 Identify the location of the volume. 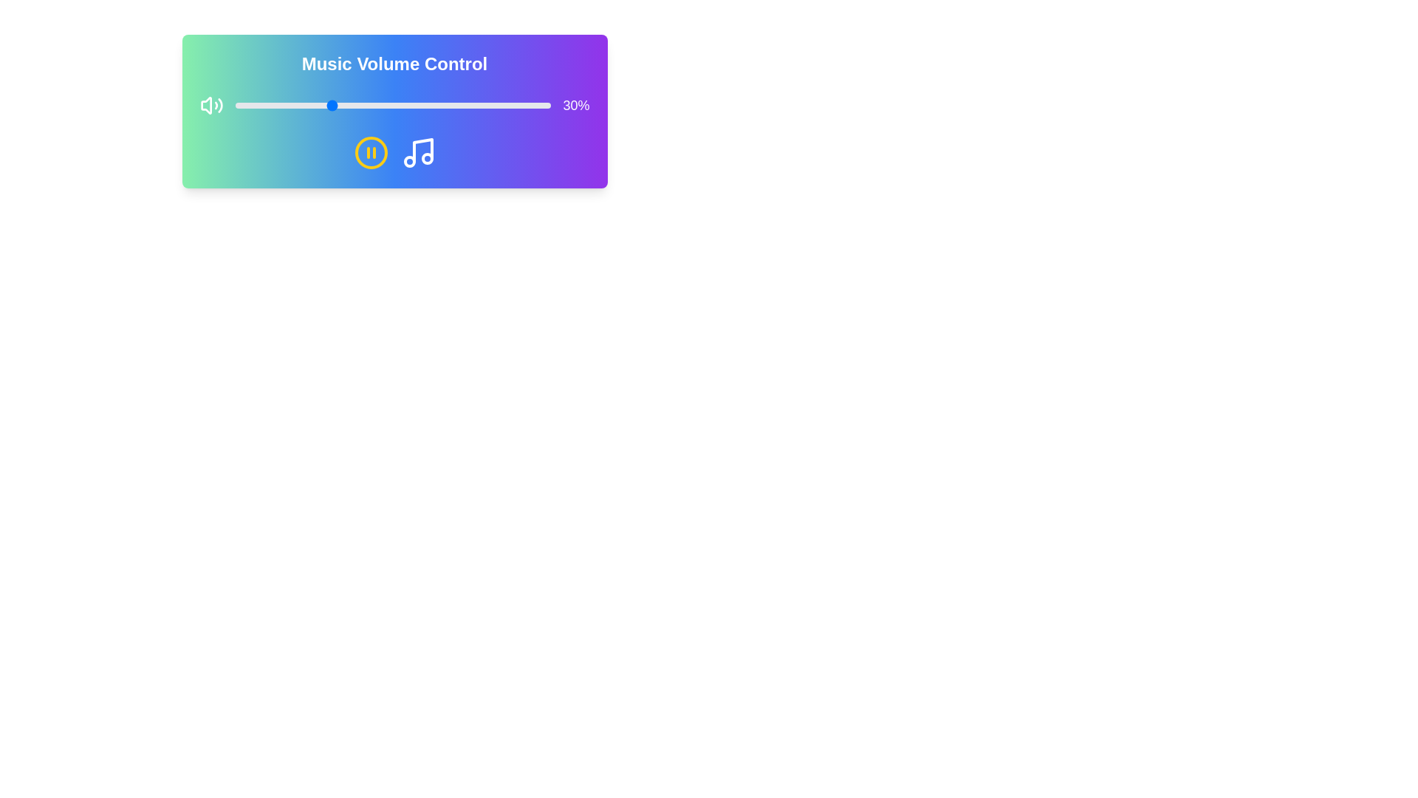
(306, 104).